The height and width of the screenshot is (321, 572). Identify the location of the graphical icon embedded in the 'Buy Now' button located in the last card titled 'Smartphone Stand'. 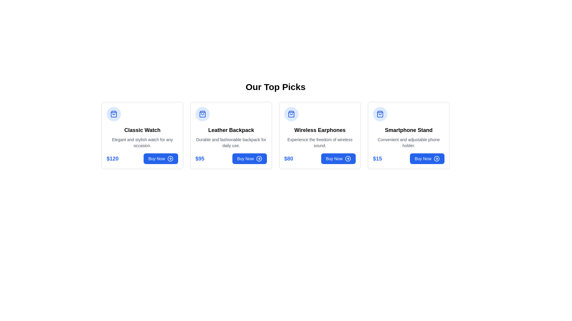
(436, 158).